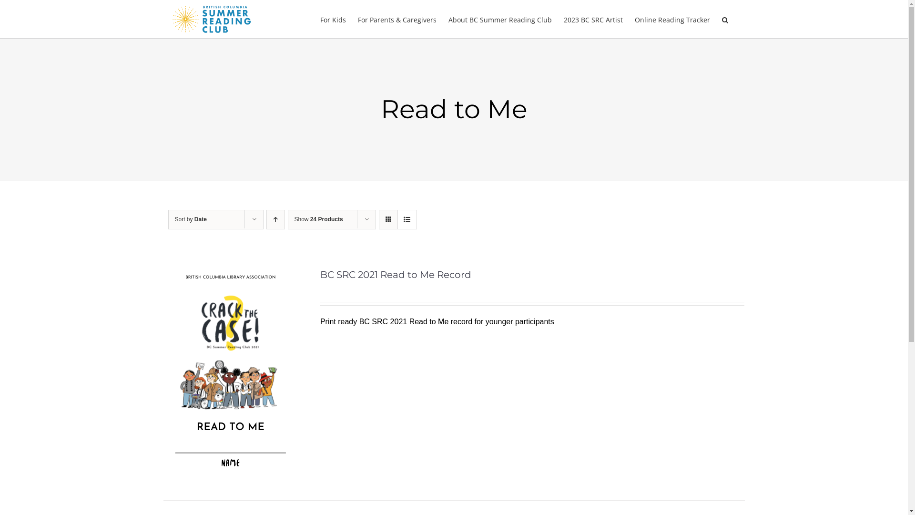 The image size is (915, 515). Describe the element at coordinates (190, 219) in the screenshot. I see `'Sort by Date'` at that location.